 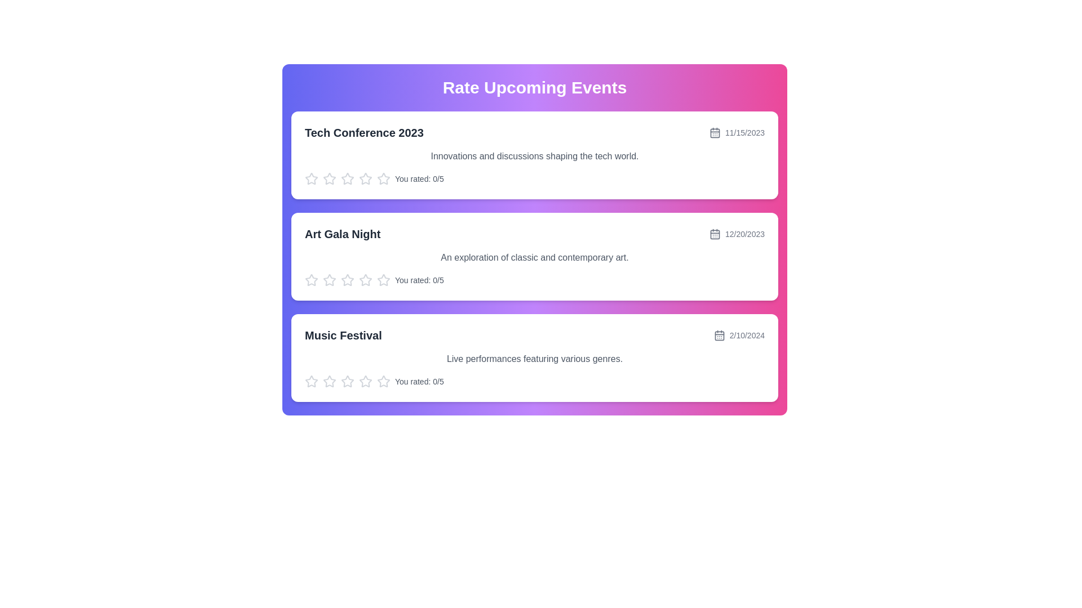 What do you see at coordinates (347, 381) in the screenshot?
I see `the fourth star in the rating component for the 'Music Festival' event` at bounding box center [347, 381].